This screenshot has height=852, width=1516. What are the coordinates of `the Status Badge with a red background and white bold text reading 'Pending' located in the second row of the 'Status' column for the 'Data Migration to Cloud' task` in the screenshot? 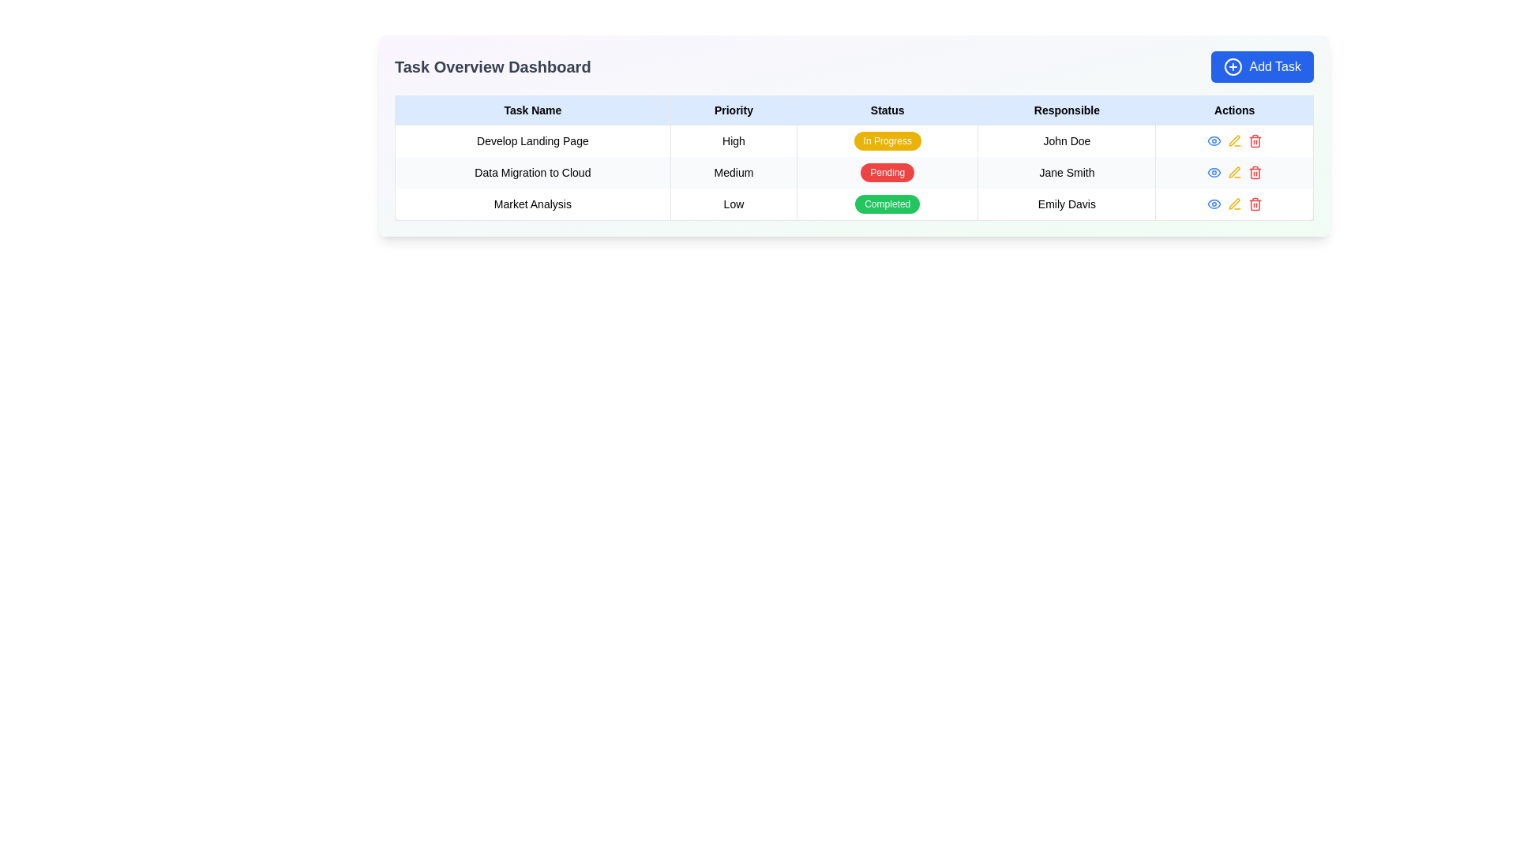 It's located at (887, 173).